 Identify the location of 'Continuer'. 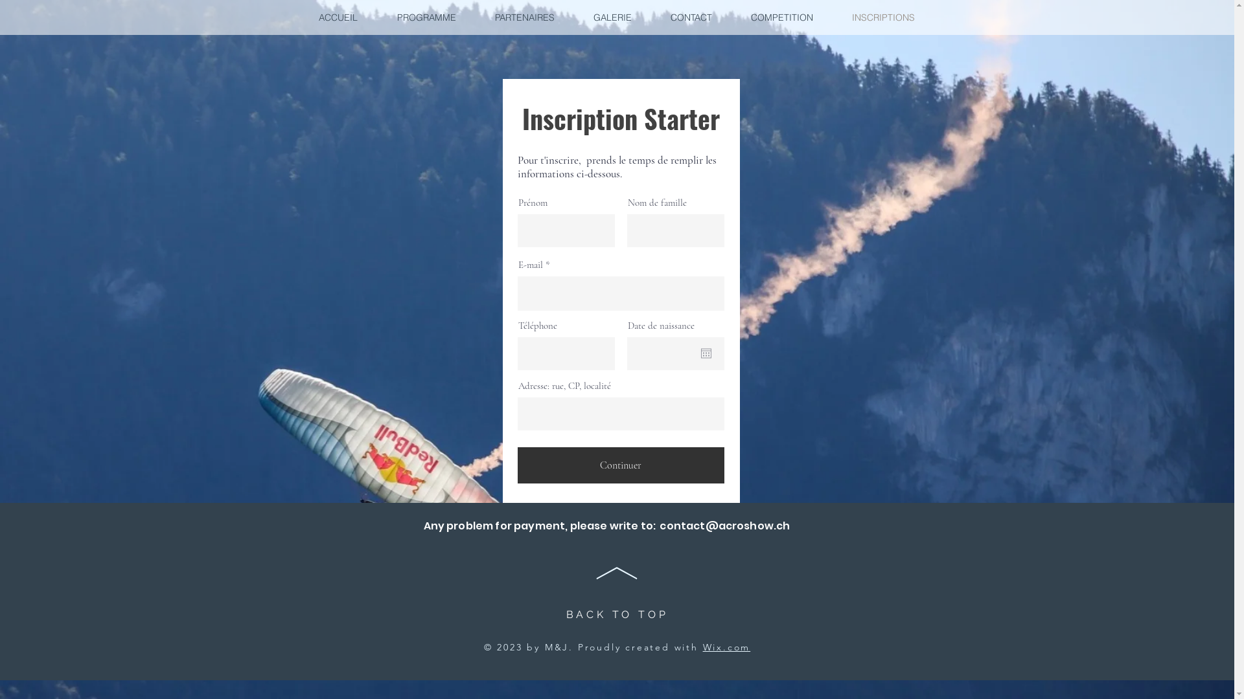
(619, 464).